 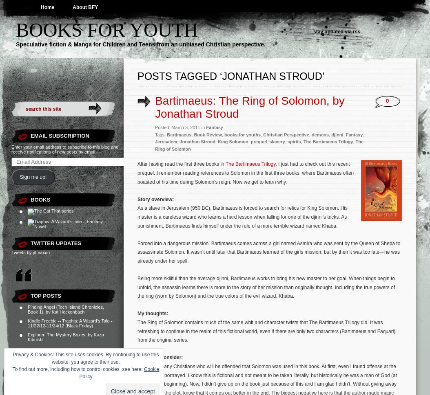 I want to click on 'King Solomon', so click(x=233, y=141).